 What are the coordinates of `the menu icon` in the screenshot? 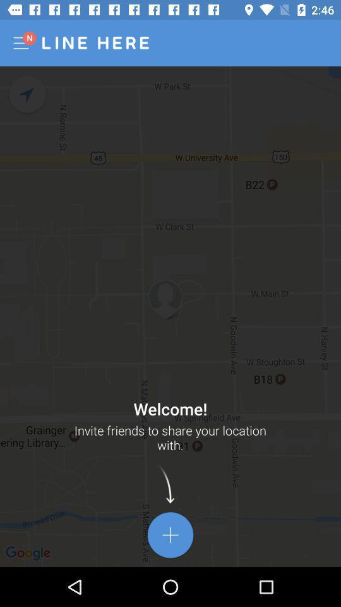 It's located at (22, 43).